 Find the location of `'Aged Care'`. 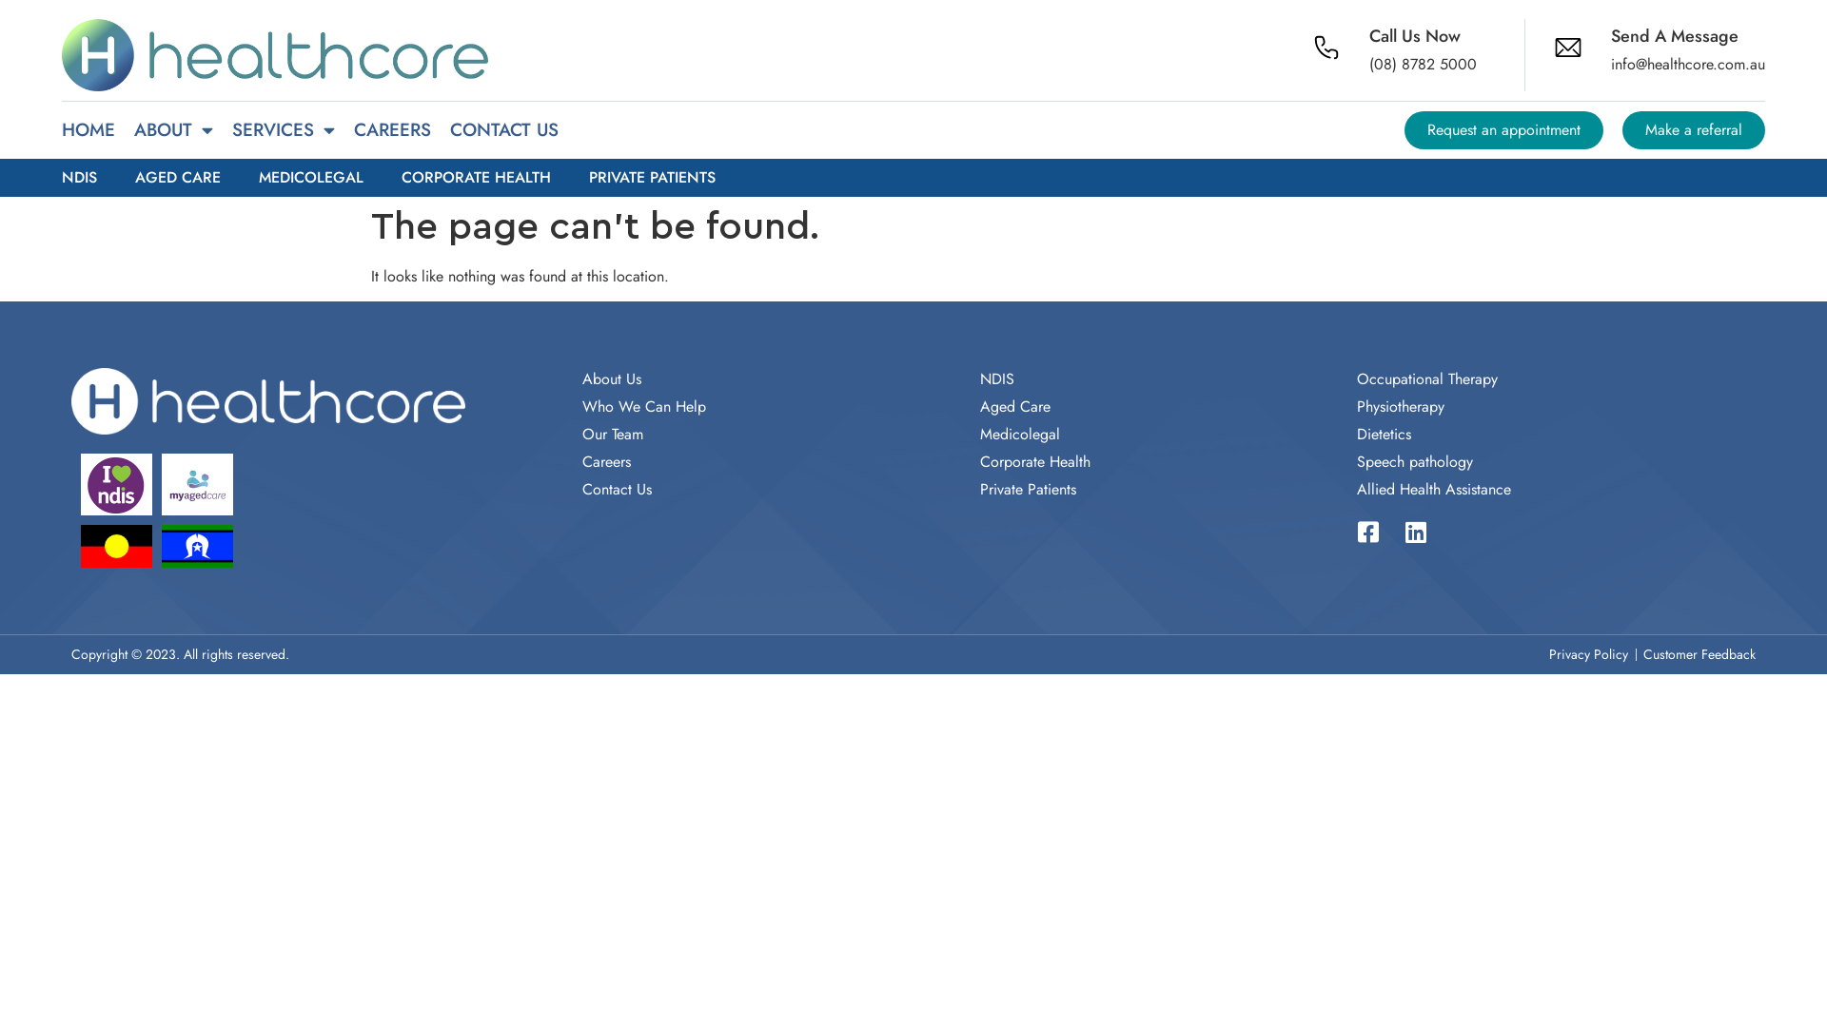

'Aged Care' is located at coordinates (1013, 406).